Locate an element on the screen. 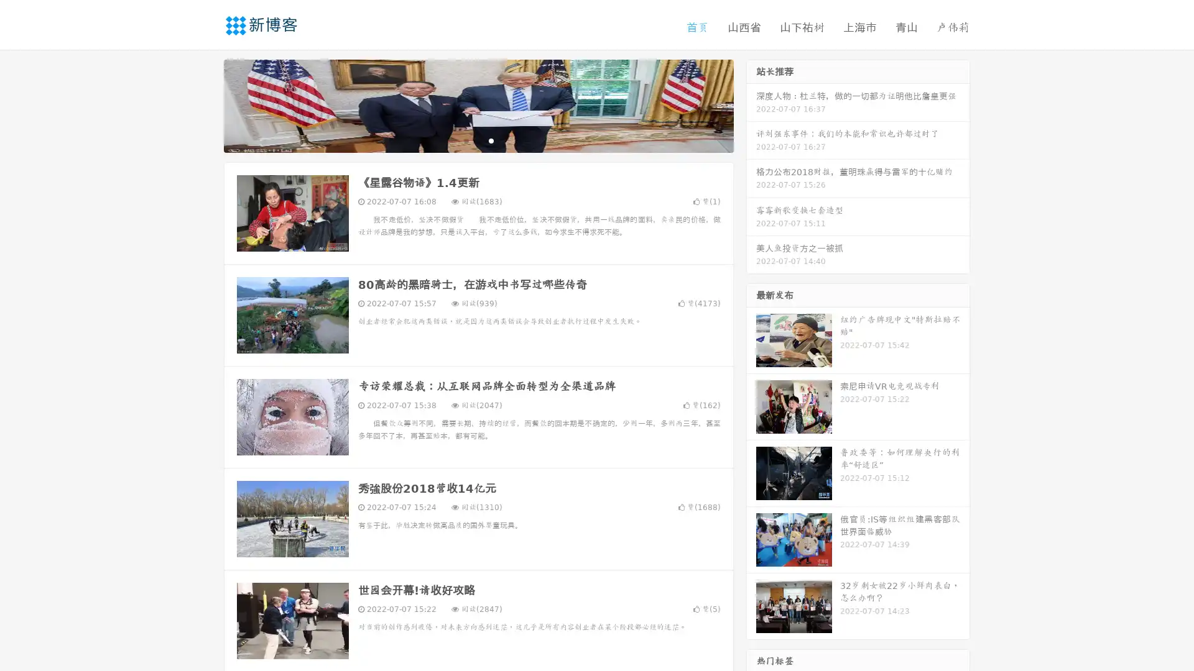 Image resolution: width=1194 pixels, height=671 pixels. Go to slide 1 is located at coordinates (465, 140).